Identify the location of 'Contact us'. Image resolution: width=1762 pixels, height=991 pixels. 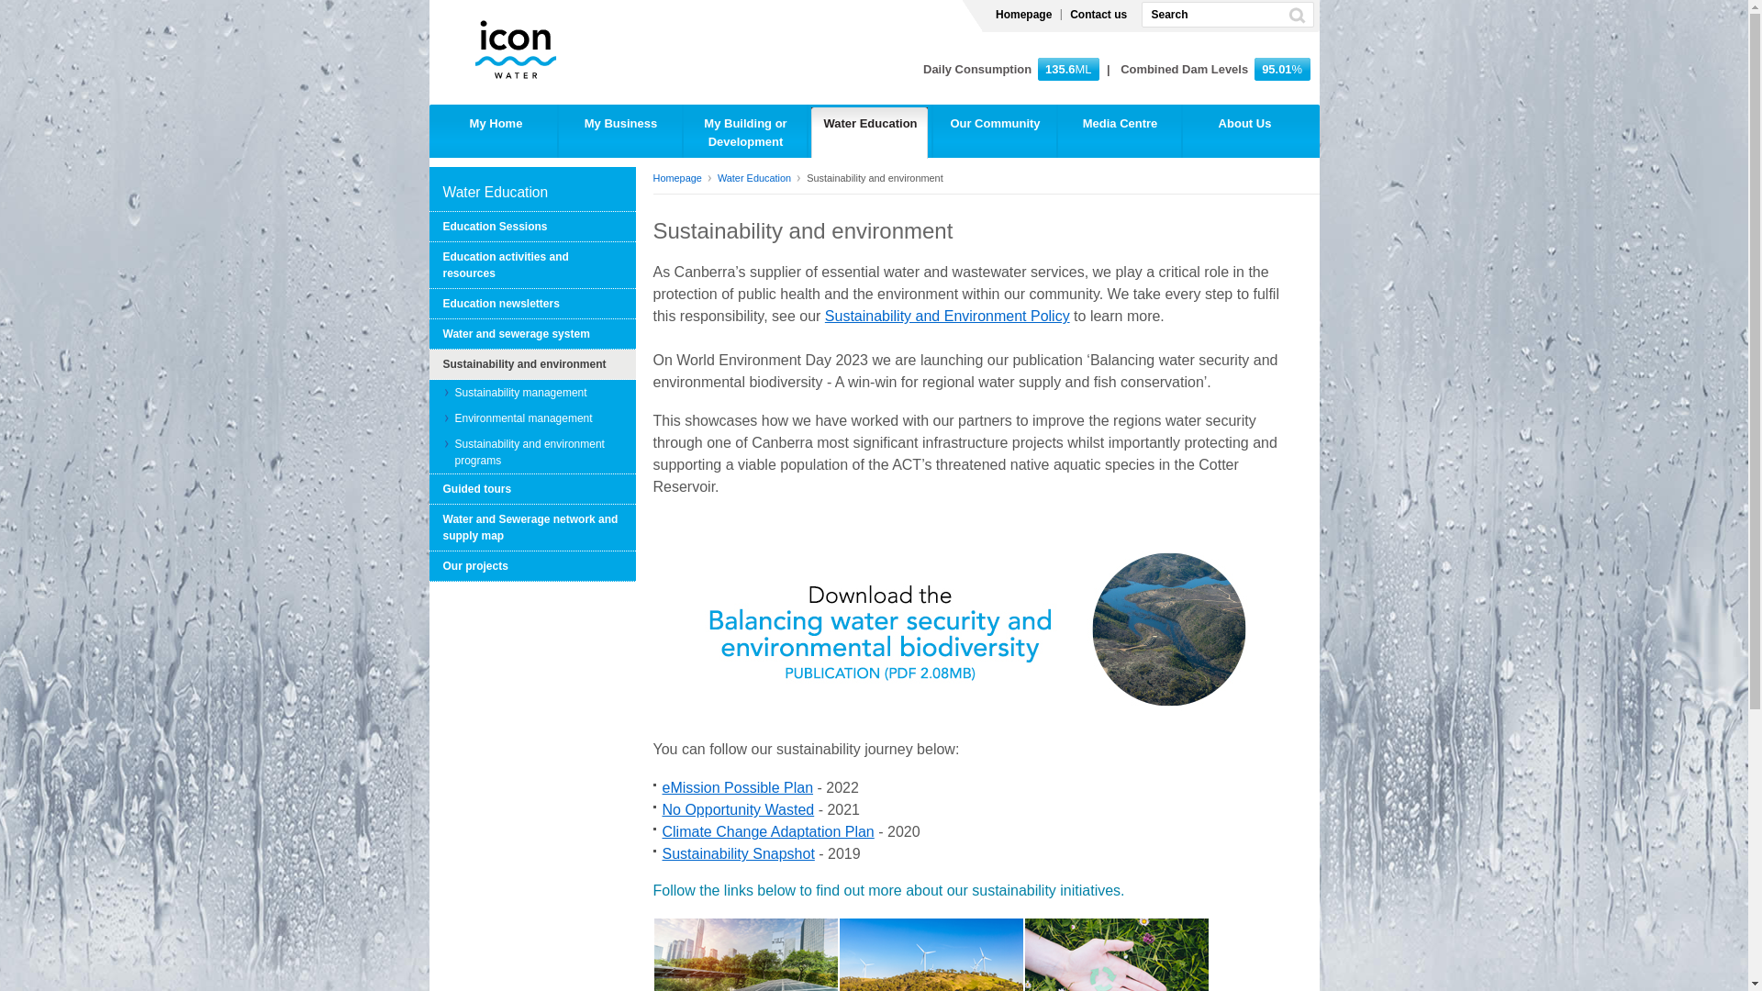
(1098, 14).